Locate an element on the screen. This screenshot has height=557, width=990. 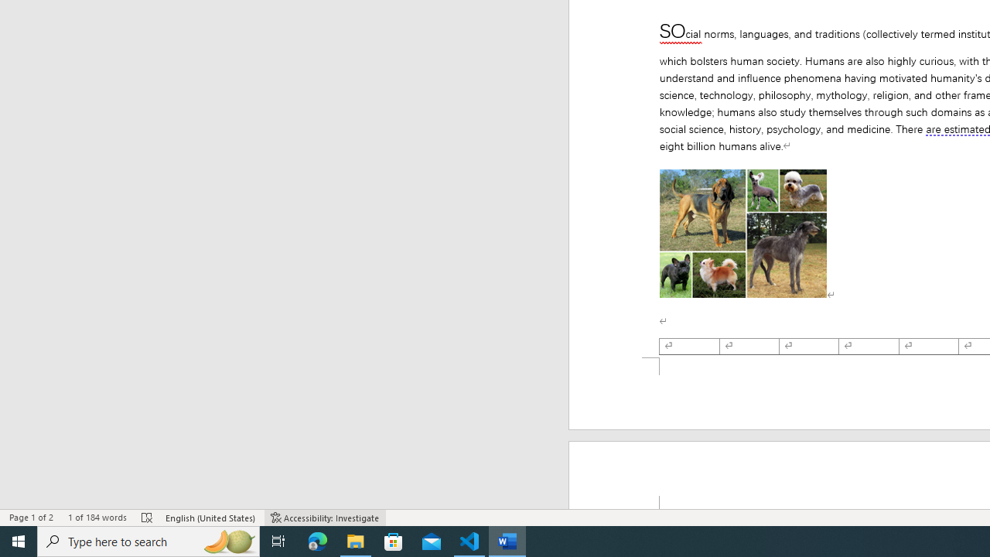
'Spelling and Grammar Check Errors' is located at coordinates (148, 518).